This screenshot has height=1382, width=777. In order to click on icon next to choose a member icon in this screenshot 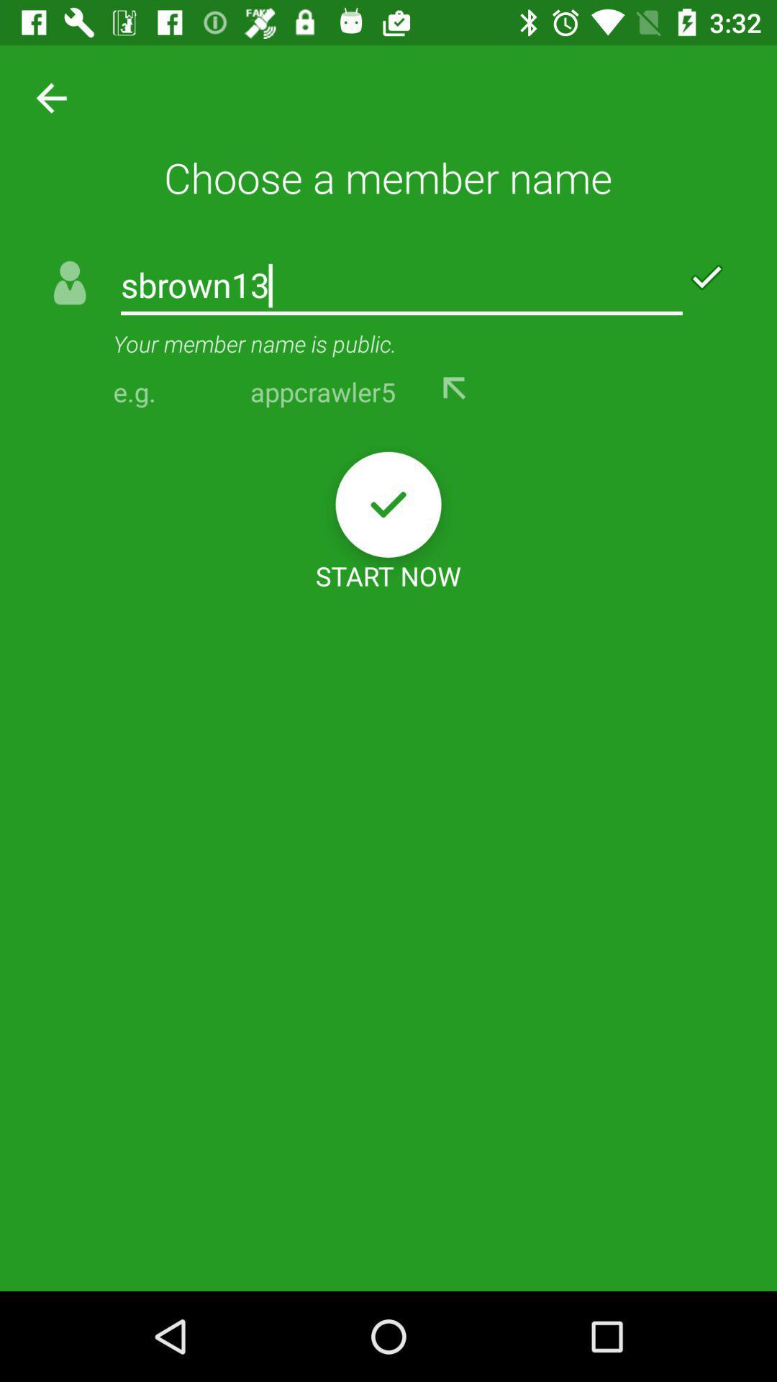, I will do `click(45, 96)`.